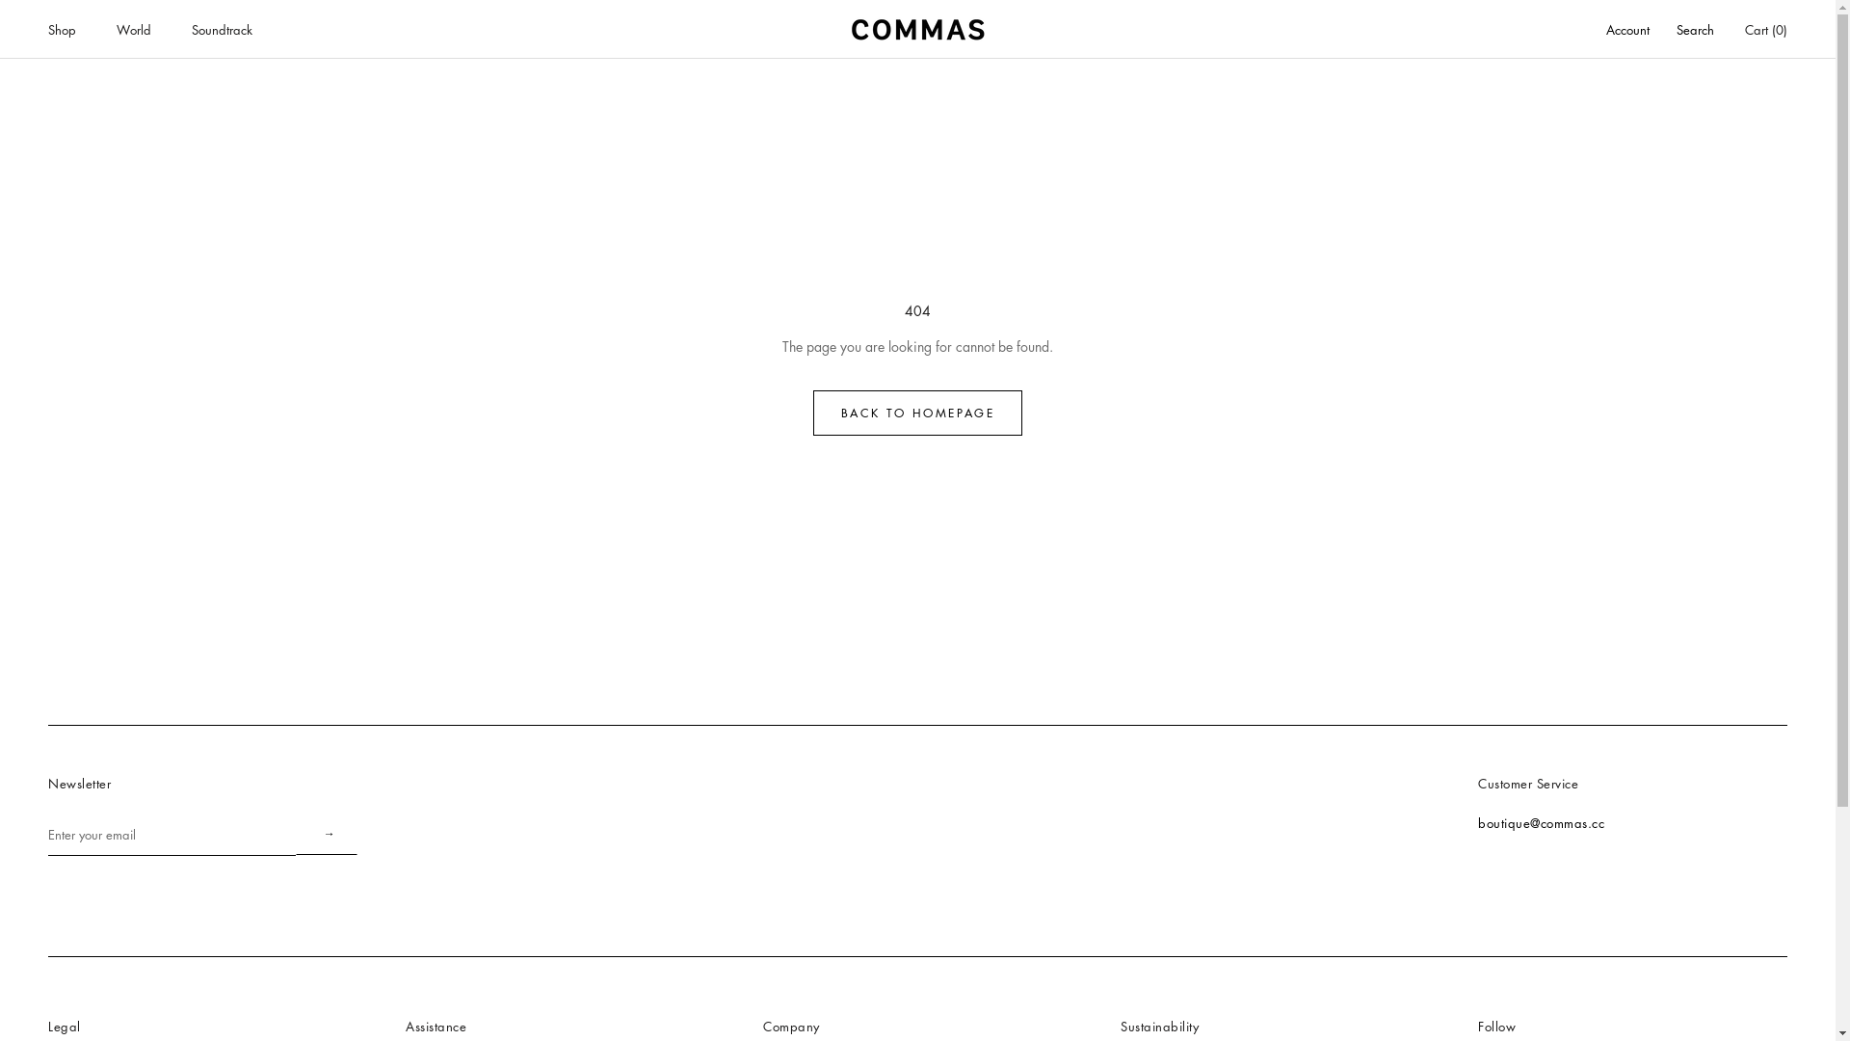 The image size is (1850, 1041). I want to click on 'World, so click(115, 29).